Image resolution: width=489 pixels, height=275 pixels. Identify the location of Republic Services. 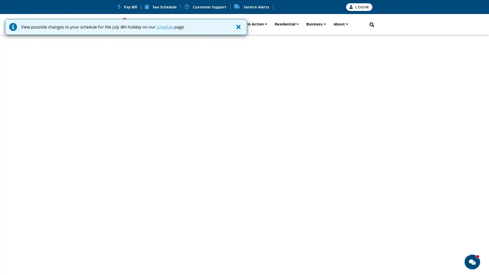
(138, 24).